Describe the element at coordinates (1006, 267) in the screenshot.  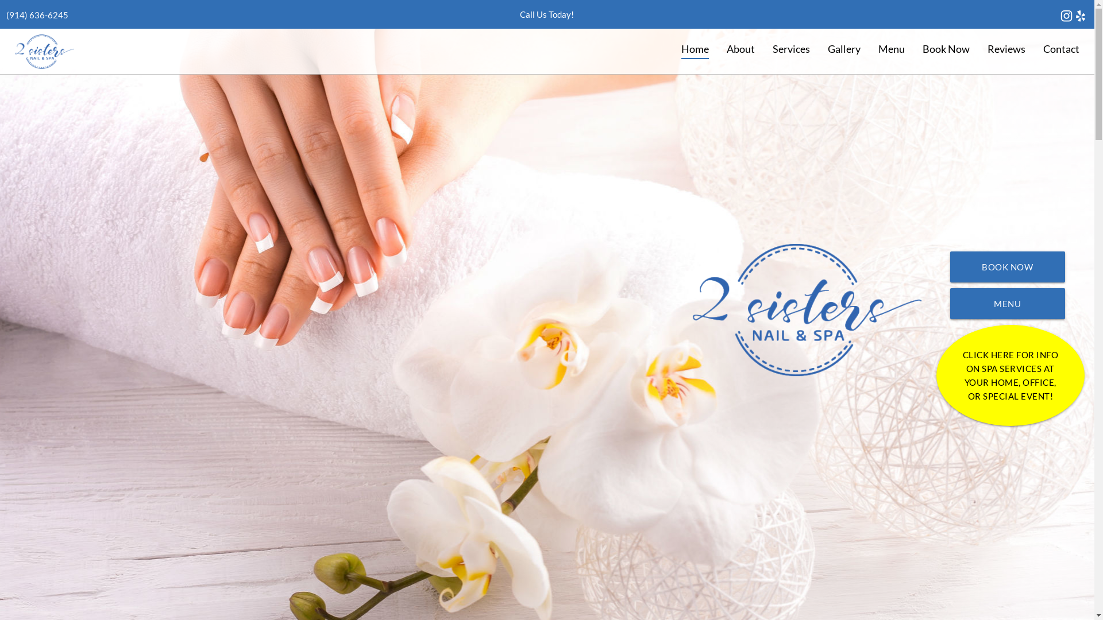
I see `'BOOK NOW'` at that location.